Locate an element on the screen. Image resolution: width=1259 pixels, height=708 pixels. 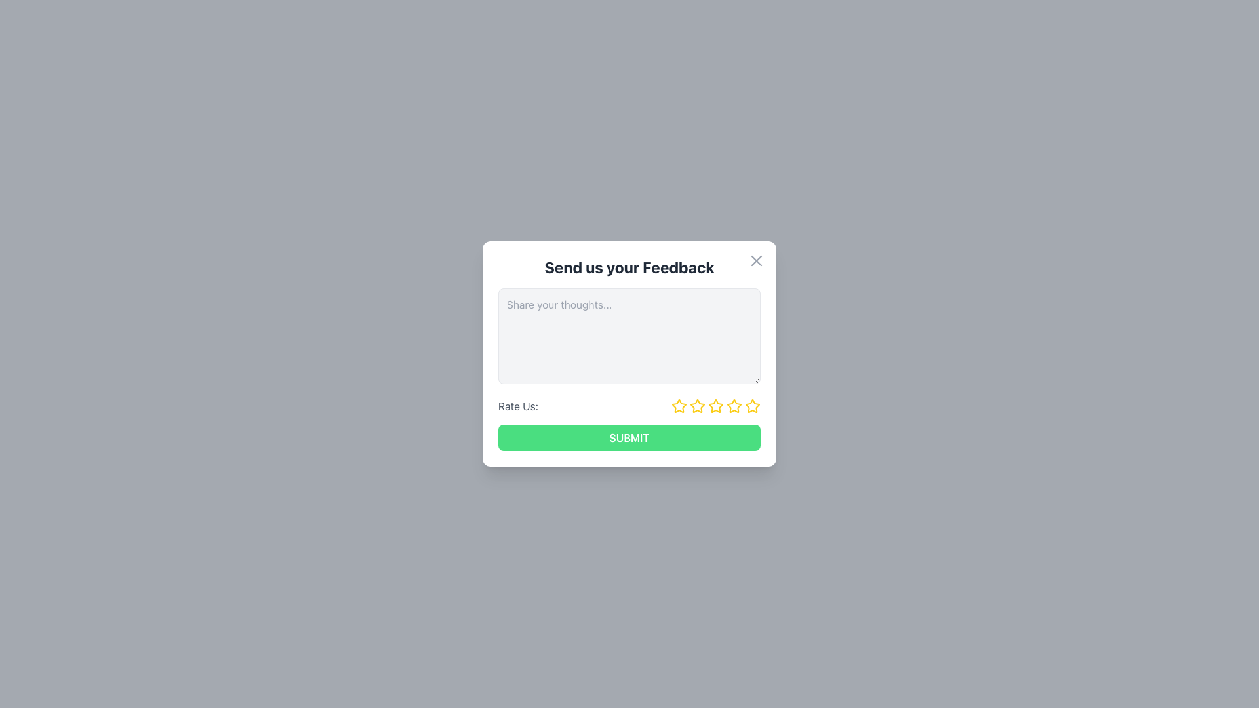
the third star in the horizontal sequence of five stars in the 'Rate Us' section is located at coordinates (697, 405).